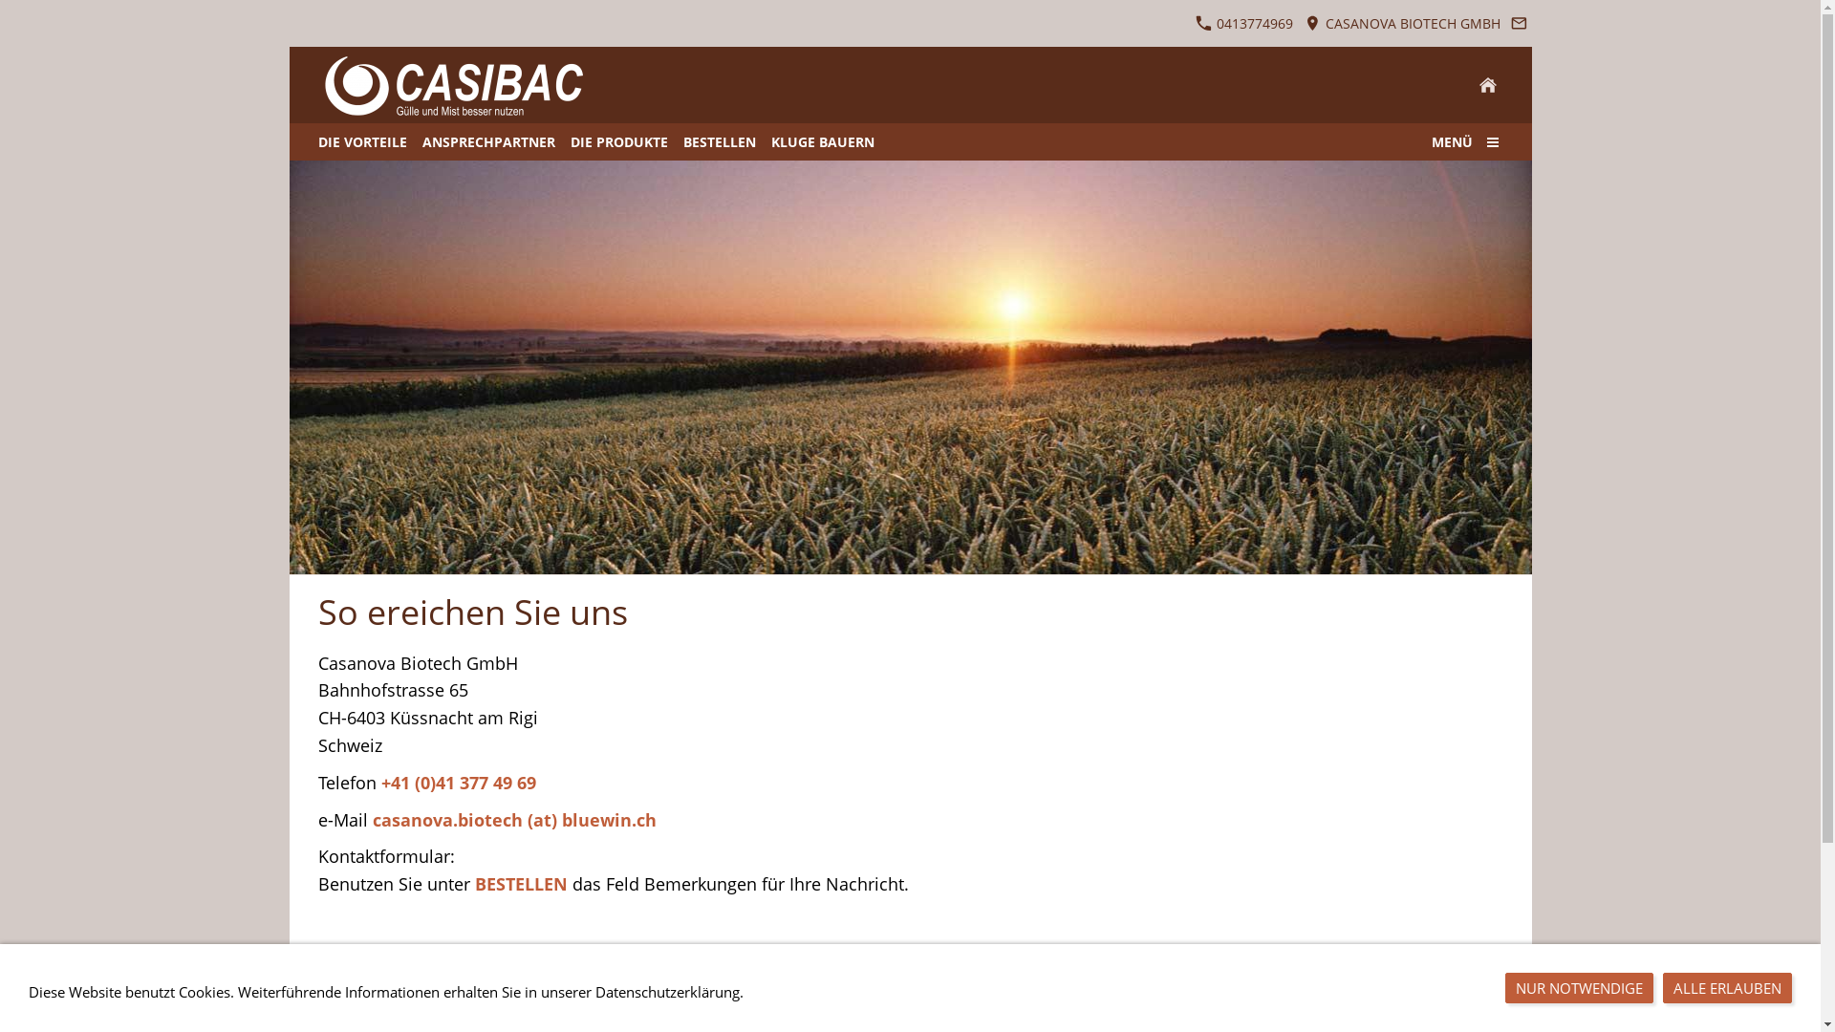  What do you see at coordinates (1503, 987) in the screenshot?
I see `'NUR NOTWENDIGE'` at bounding box center [1503, 987].